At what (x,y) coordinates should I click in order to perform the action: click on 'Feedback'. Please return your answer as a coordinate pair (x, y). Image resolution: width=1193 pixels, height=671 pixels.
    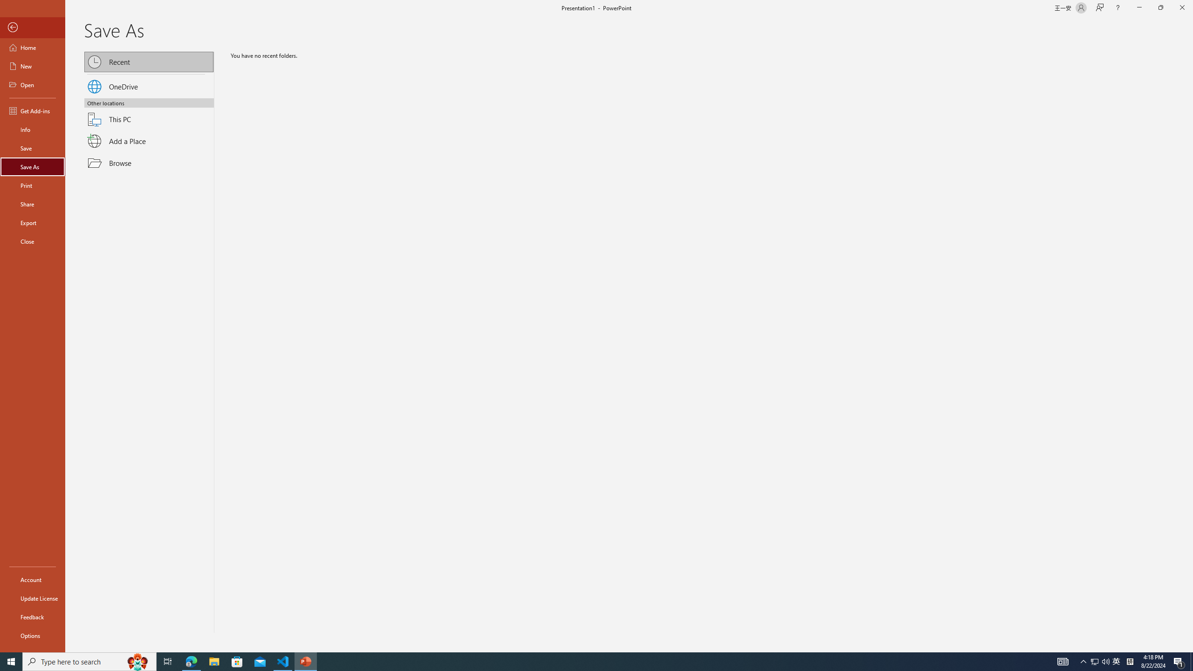
    Looking at the image, I should click on (32, 617).